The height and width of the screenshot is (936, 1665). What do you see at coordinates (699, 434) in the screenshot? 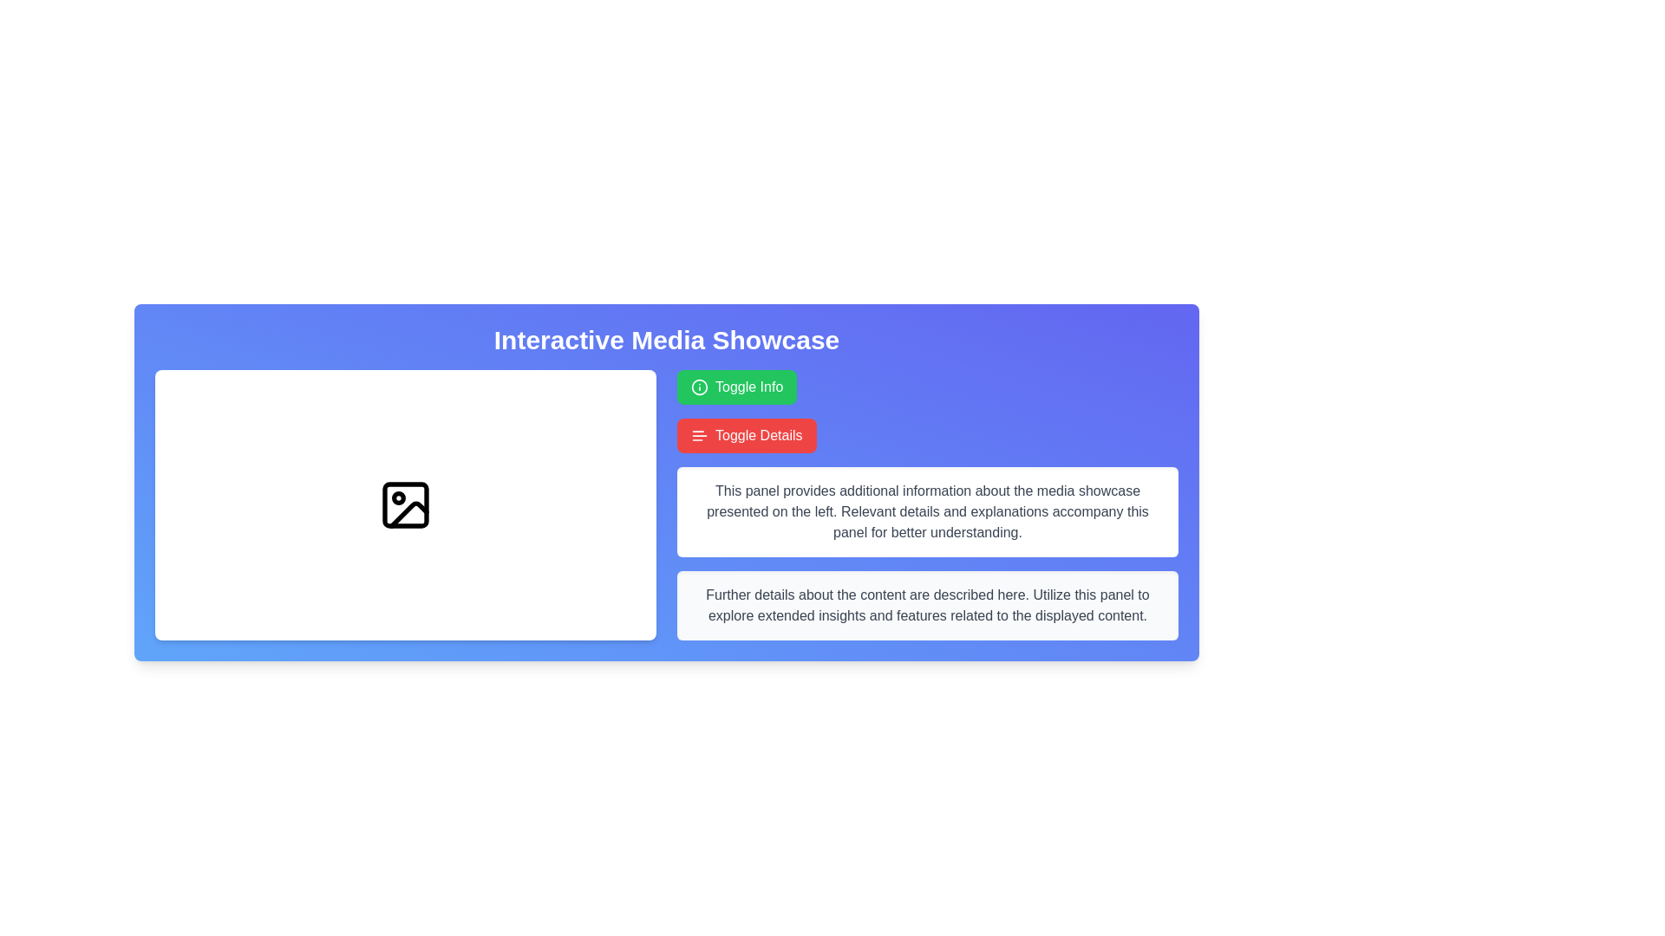
I see `the 'Toggle Details' button which contains the three horizontal lines icon on its left side, located in the red background of the interactive panel` at bounding box center [699, 434].